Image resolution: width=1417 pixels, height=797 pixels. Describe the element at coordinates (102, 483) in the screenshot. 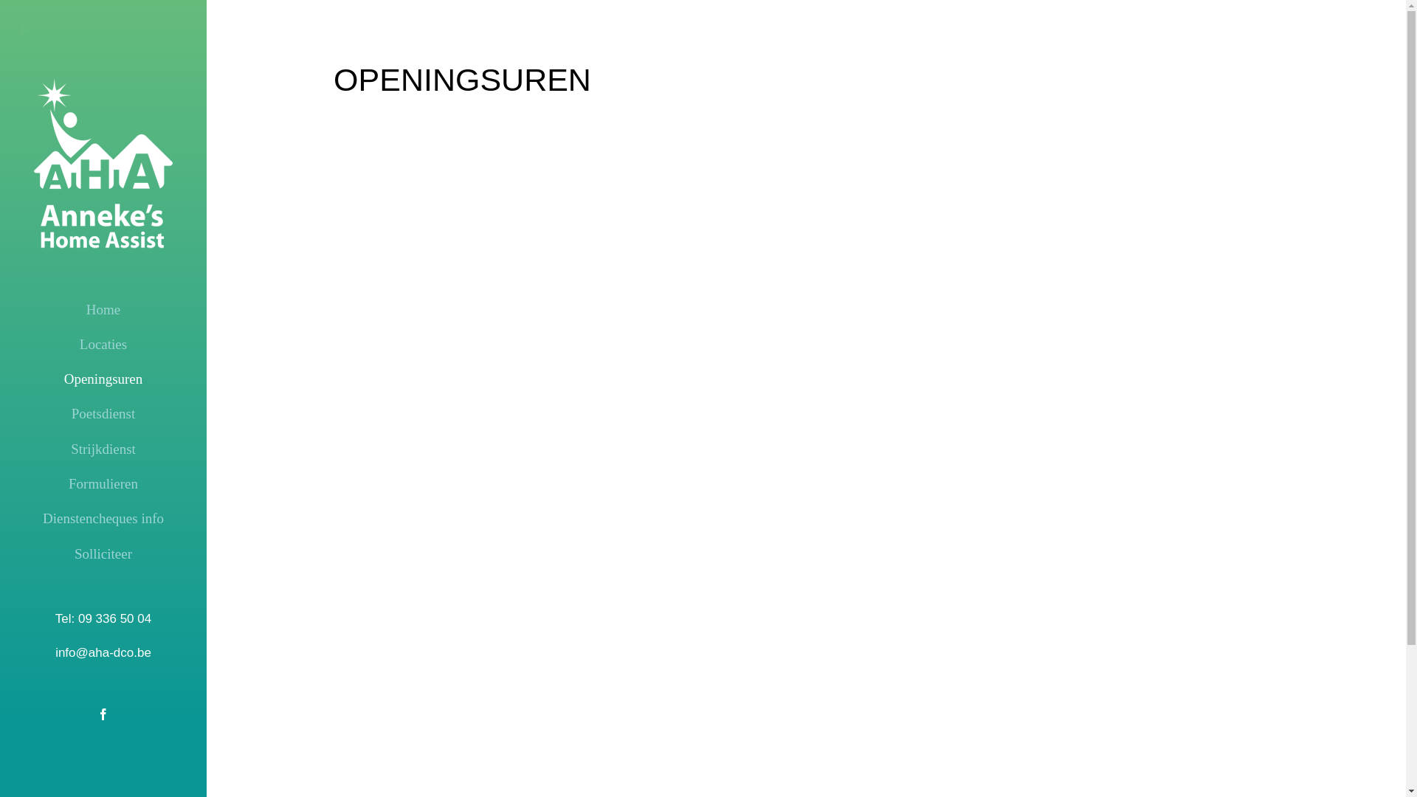

I see `'Formulieren'` at that location.